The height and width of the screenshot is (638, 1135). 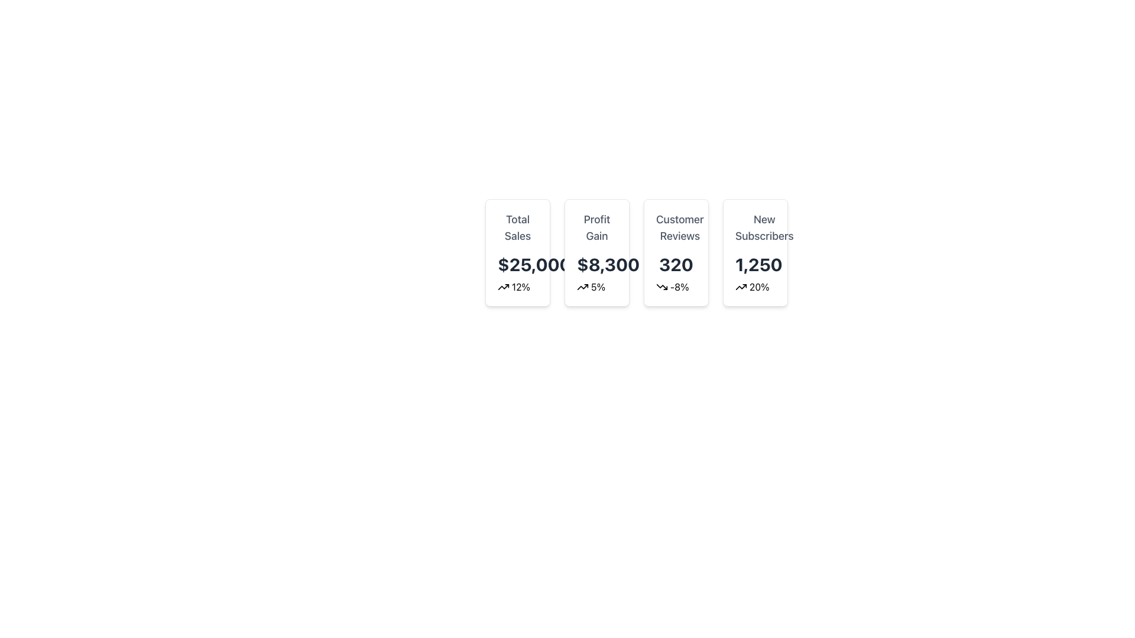 I want to click on the upward trend icon representing the increase in 'Total Sales' with a green percentage of '12%', located at the bottom-left of the 'Total Sales' card, so click(x=503, y=287).